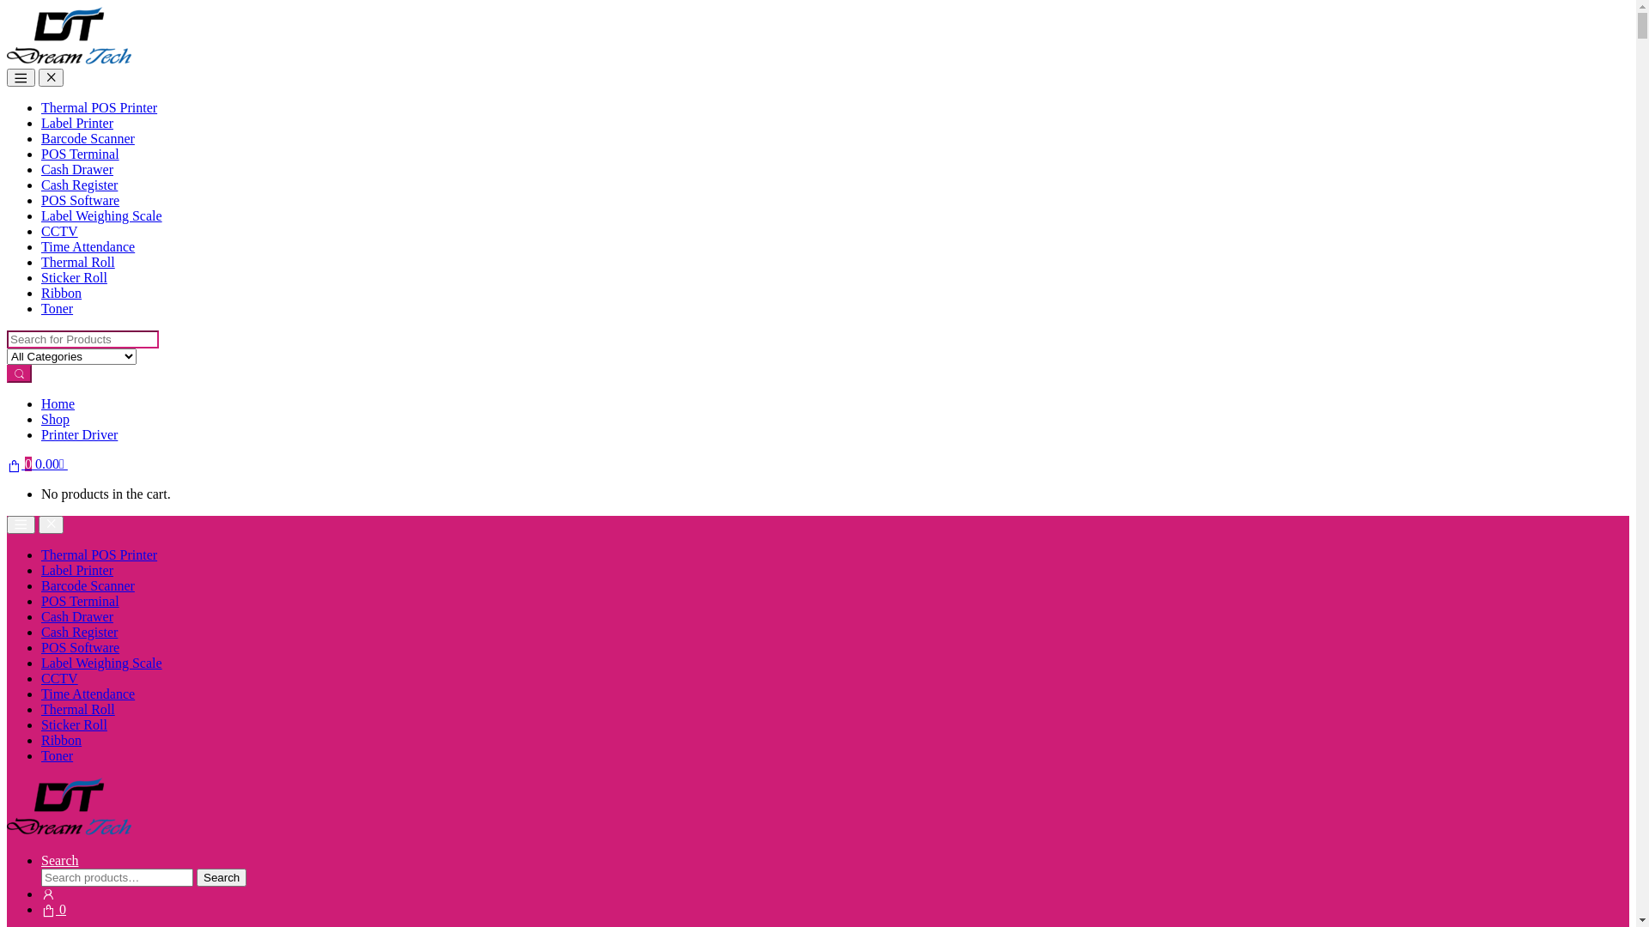 This screenshot has width=1649, height=927. What do you see at coordinates (73, 724) in the screenshot?
I see `'Sticker Roll'` at bounding box center [73, 724].